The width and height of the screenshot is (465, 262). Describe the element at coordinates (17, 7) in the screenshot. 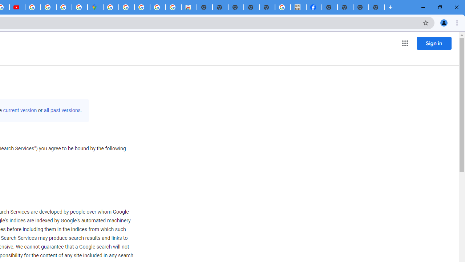

I see `'Subscriptions - YouTube'` at that location.